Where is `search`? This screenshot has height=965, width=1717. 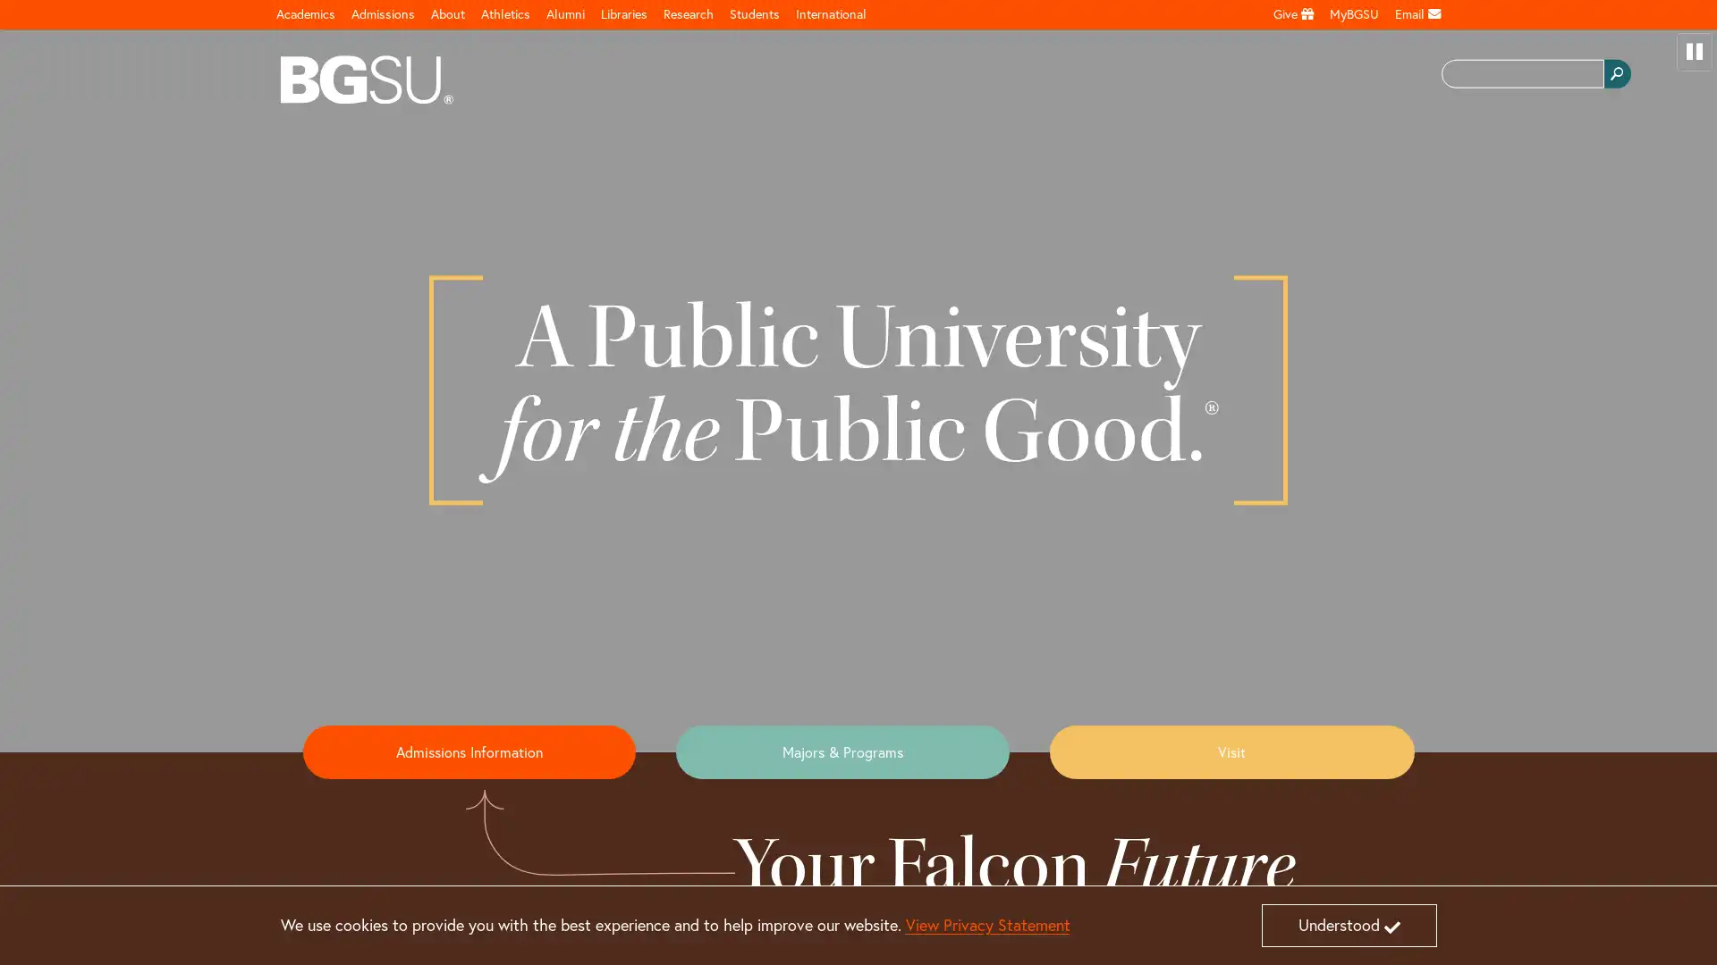 search is located at coordinates (1618, 71).